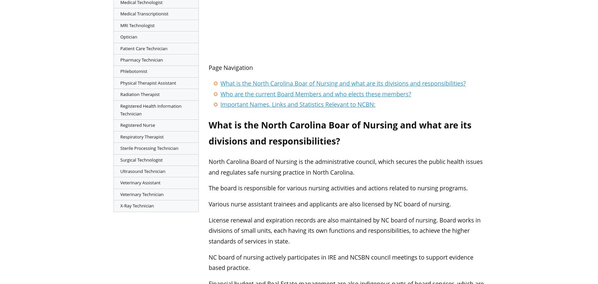  What do you see at coordinates (120, 36) in the screenshot?
I see `'Optician'` at bounding box center [120, 36].